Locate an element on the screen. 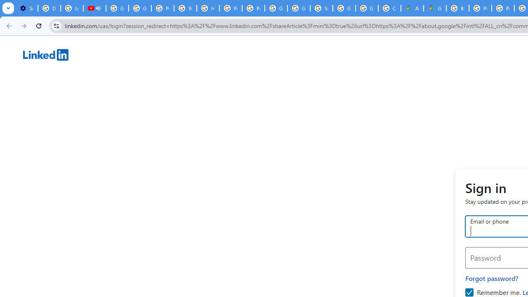 The image size is (528, 297). 'Learn how to find your photos - Google Photos Help' is located at coordinates (72, 8).